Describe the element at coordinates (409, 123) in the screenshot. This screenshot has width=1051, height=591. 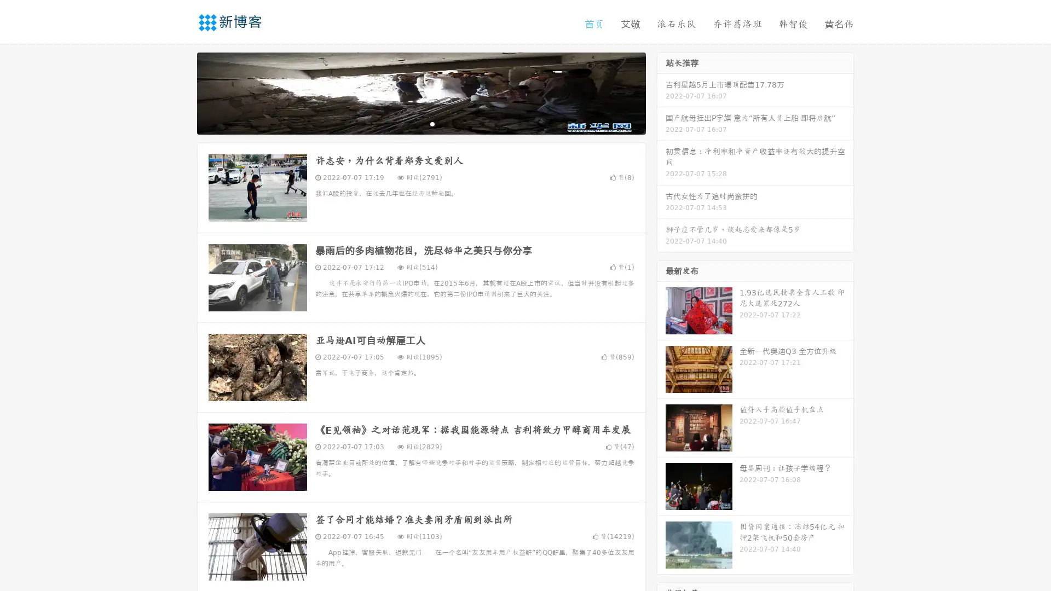
I see `Go to slide 1` at that location.